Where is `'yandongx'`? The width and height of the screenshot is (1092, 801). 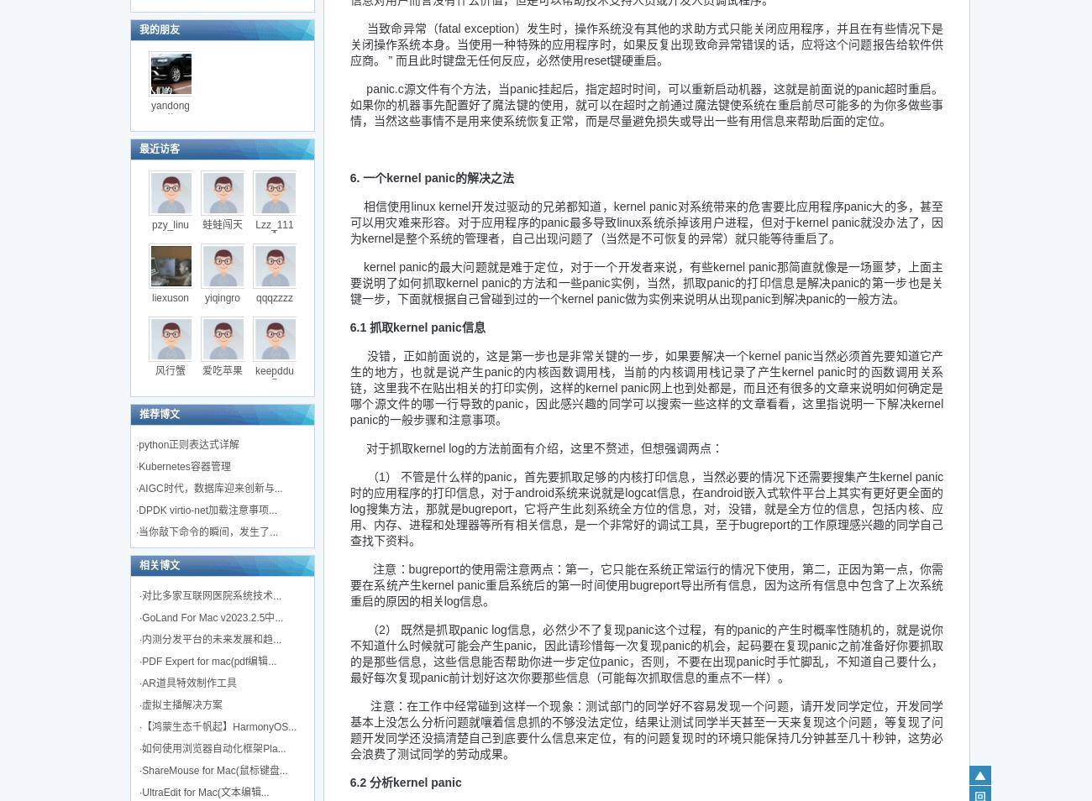
'yandongx' is located at coordinates (170, 110).